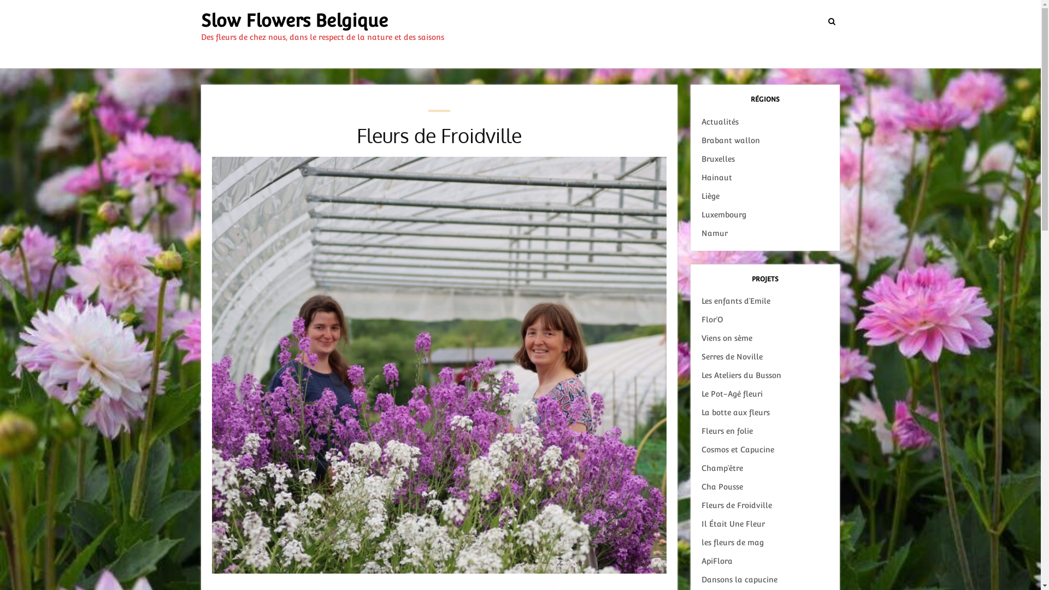  Describe the element at coordinates (701, 542) in the screenshot. I see `'les fleurs de mag'` at that location.